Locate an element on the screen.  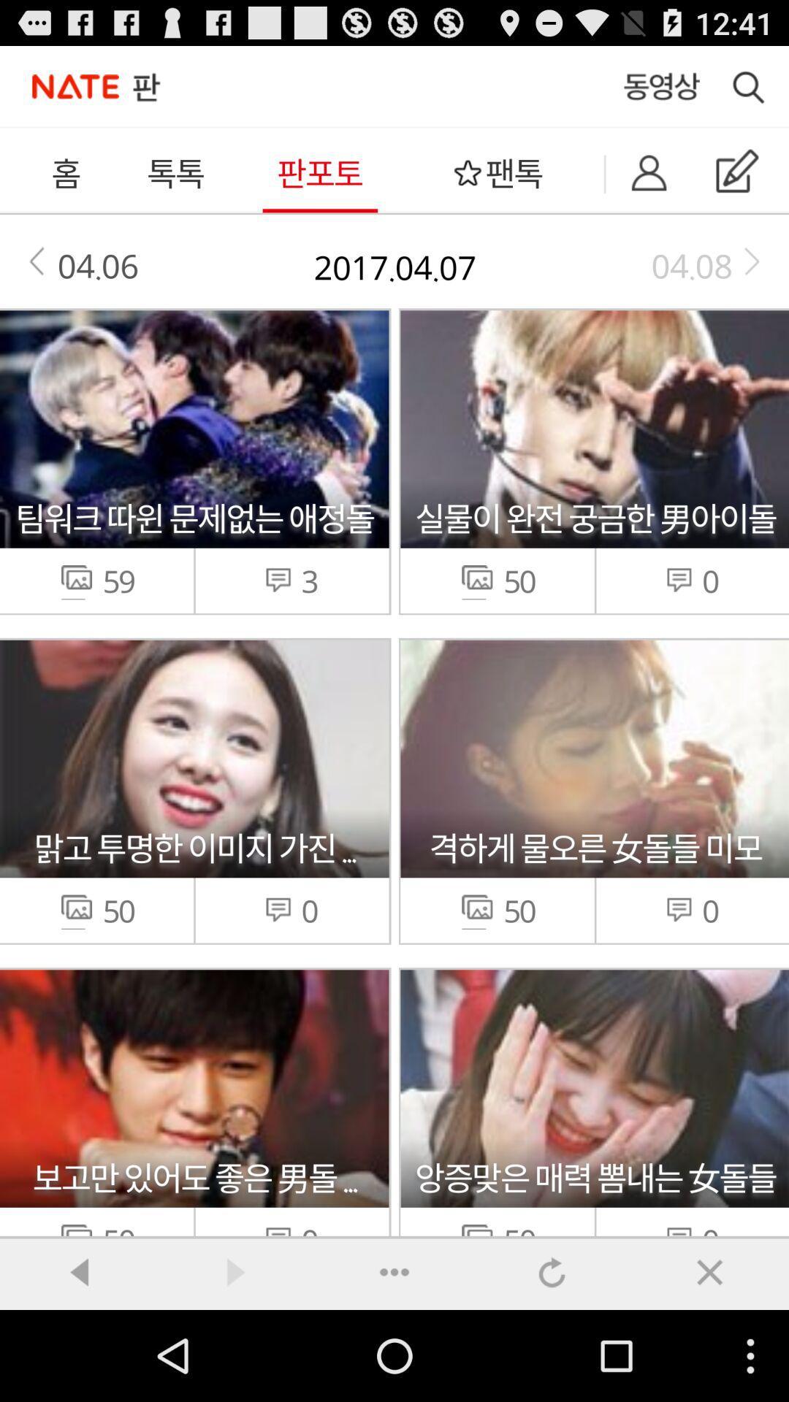
the font icon is located at coordinates (709, 1360).